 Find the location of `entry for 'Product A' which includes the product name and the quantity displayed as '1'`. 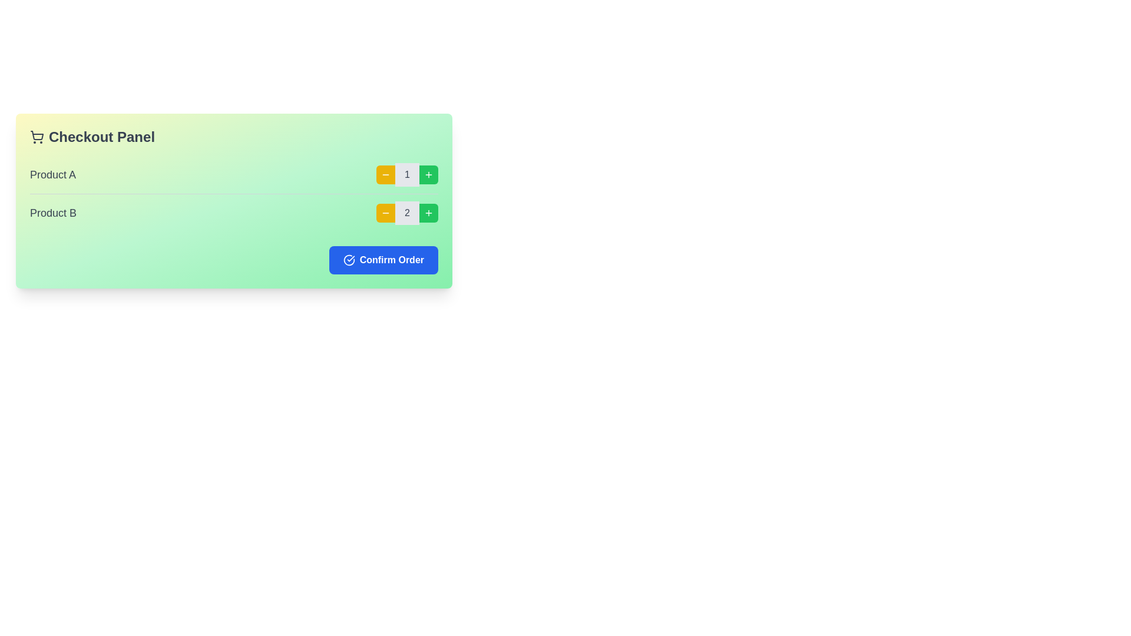

entry for 'Product A' which includes the product name and the quantity displayed as '1' is located at coordinates (234, 175).